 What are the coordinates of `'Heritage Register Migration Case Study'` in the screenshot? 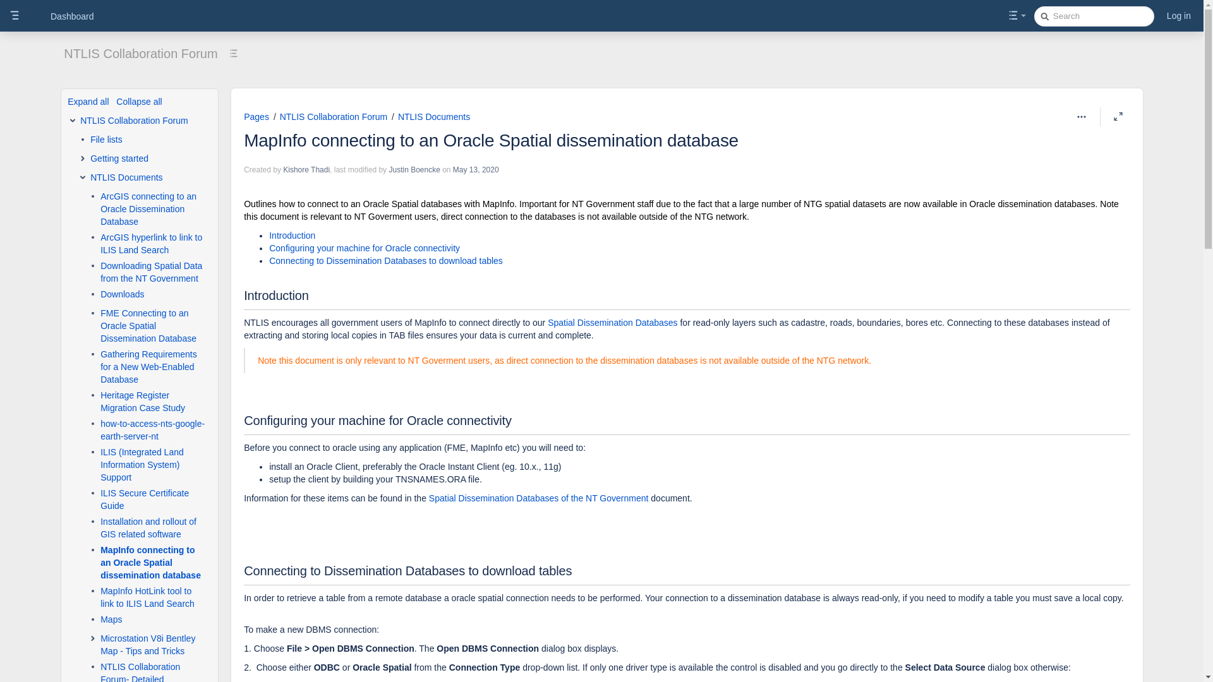 It's located at (99, 402).